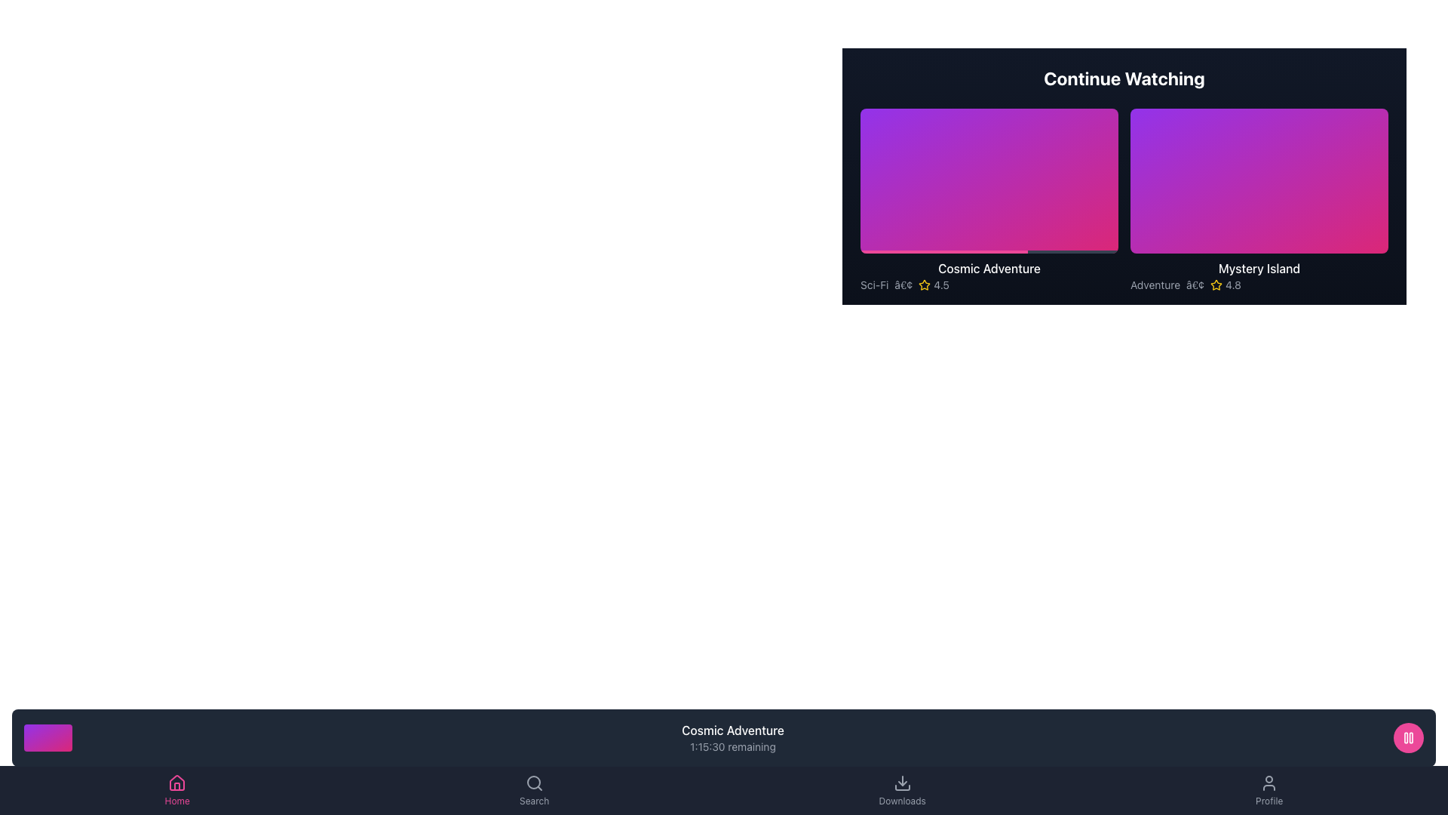 The image size is (1448, 815). Describe the element at coordinates (924, 285) in the screenshot. I see `the decorative star icon indicating a high rating for the item 'Cosmic Adventure', which is positioned to the left of the numeric rating '4.5'` at that location.